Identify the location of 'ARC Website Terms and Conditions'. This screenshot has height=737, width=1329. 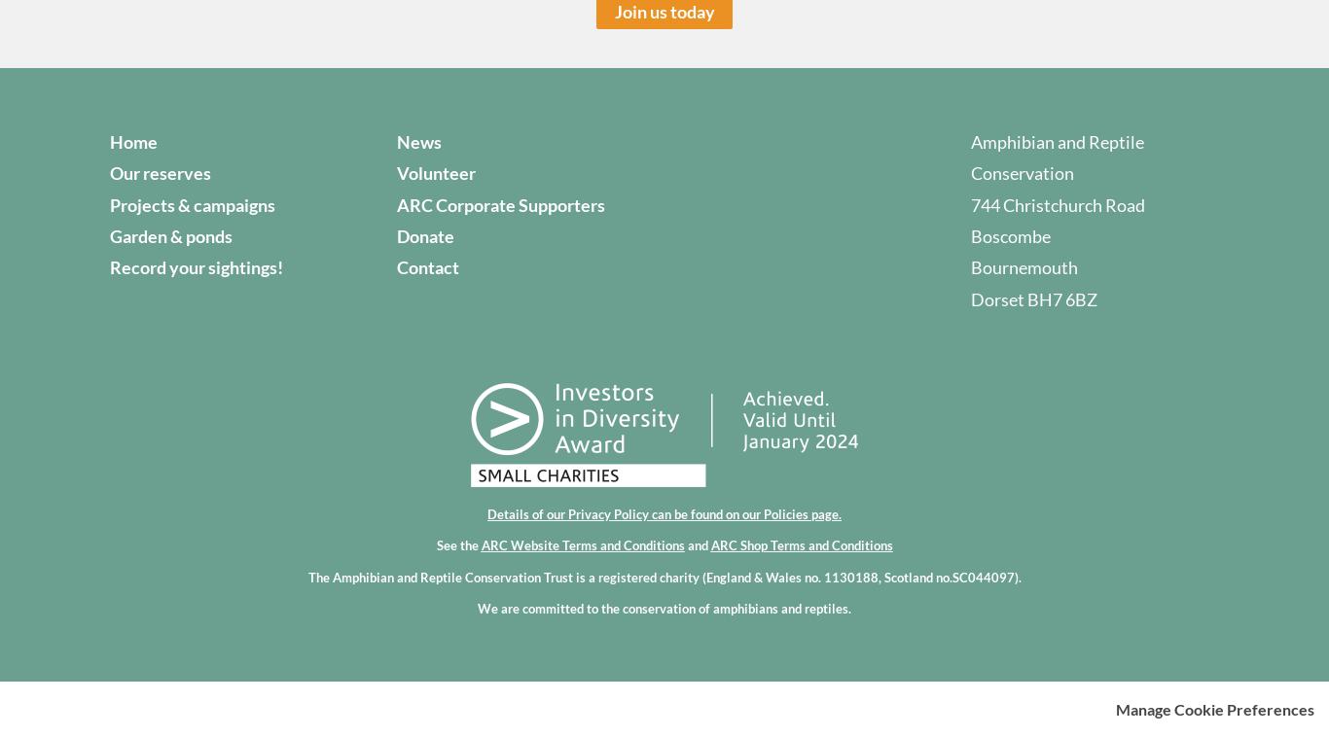
(581, 544).